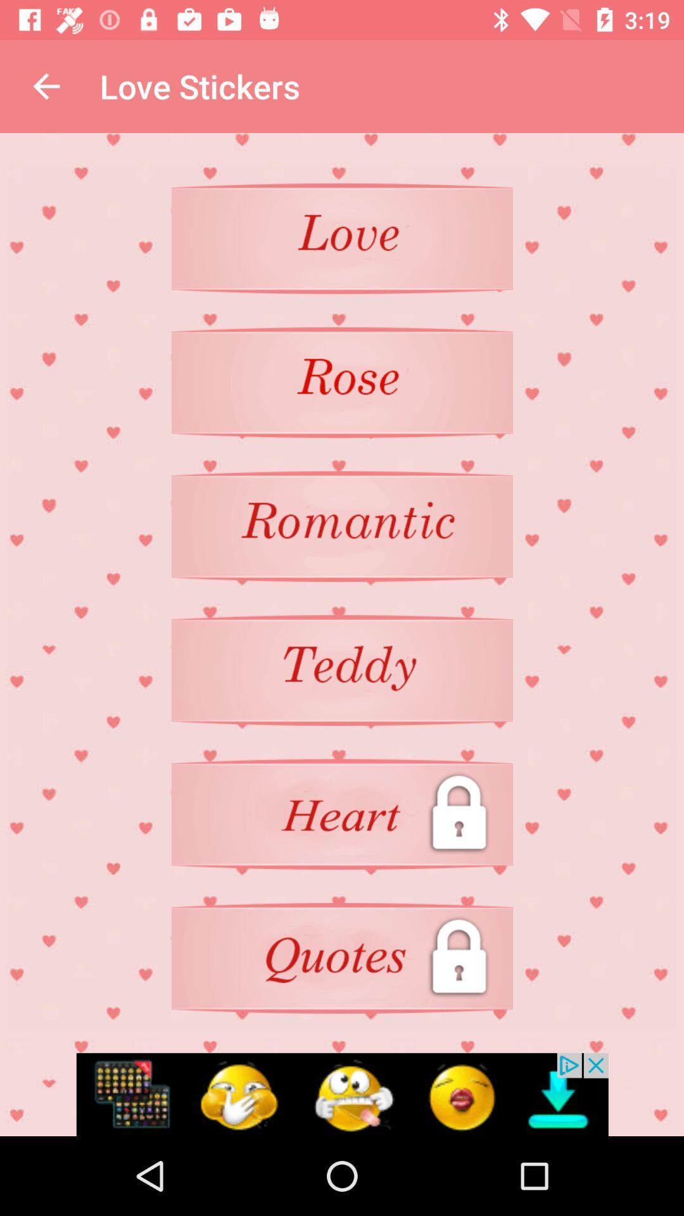 Image resolution: width=684 pixels, height=1216 pixels. What do you see at coordinates (342, 382) in the screenshot?
I see `the button` at bounding box center [342, 382].